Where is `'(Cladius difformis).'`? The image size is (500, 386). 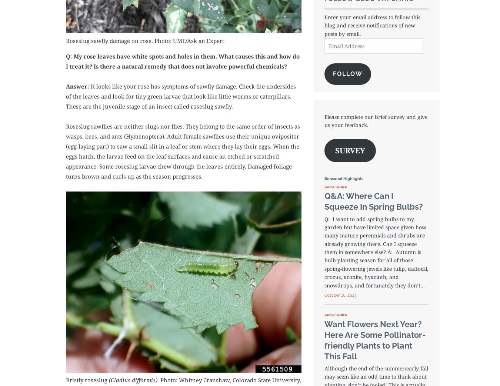 '(Cladius difformis).' is located at coordinates (134, 380).